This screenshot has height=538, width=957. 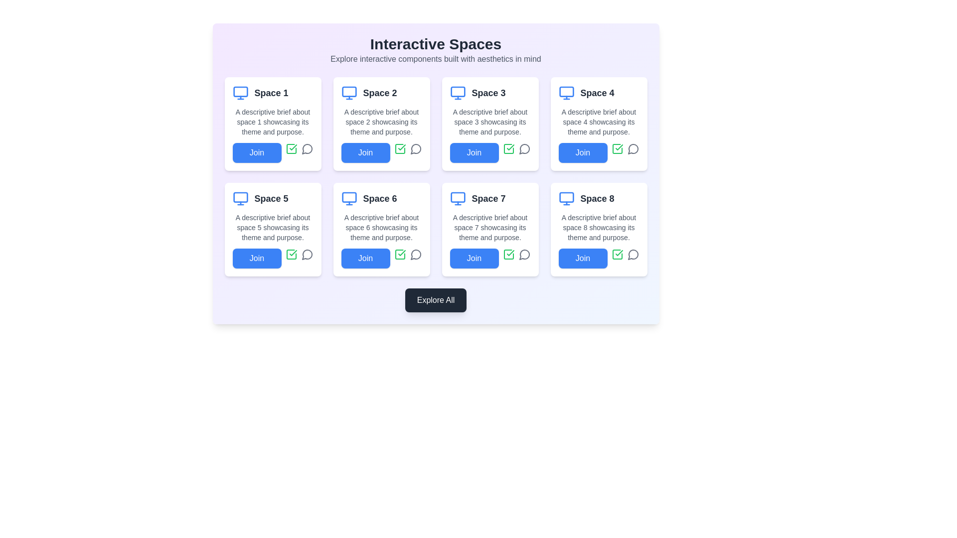 What do you see at coordinates (379, 93) in the screenshot?
I see `the text label titled 'Space 2' located in the second card of the first row, positioned to the right of a monitor icon and above the 'Join' button` at bounding box center [379, 93].